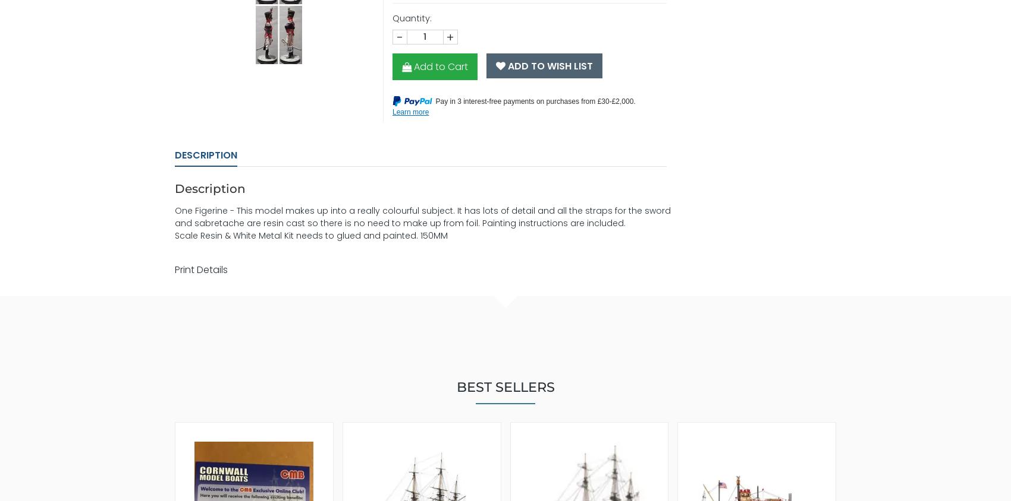 This screenshot has width=1011, height=501. What do you see at coordinates (412, 17) in the screenshot?
I see `'Quantity:'` at bounding box center [412, 17].